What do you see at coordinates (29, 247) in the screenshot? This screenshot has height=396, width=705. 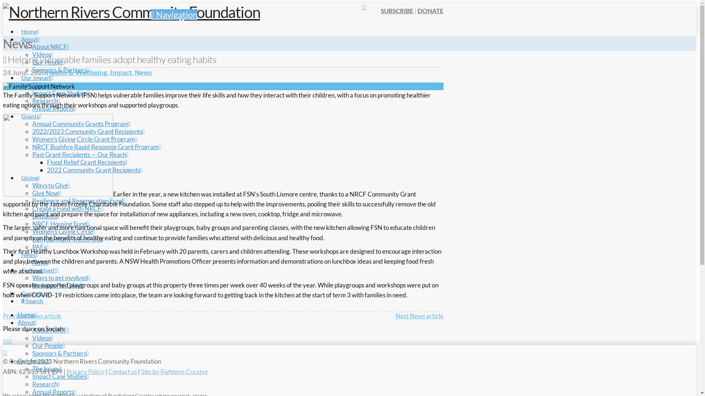 I see `'News'` at bounding box center [29, 247].